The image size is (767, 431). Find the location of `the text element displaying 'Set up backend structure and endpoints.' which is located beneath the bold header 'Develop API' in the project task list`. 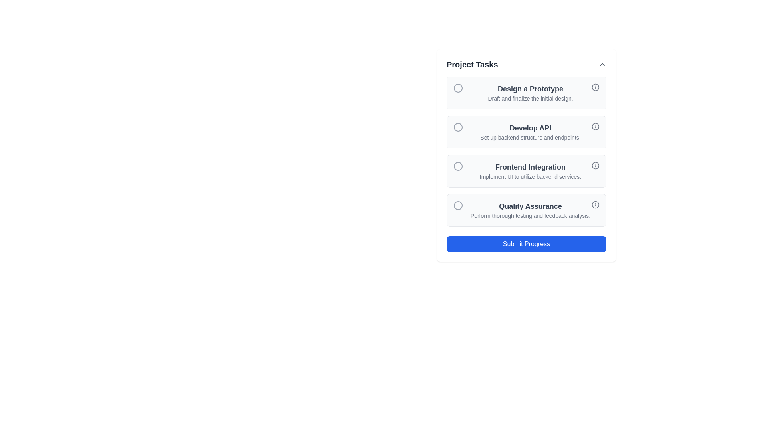

the text element displaying 'Set up backend structure and endpoints.' which is located beneath the bold header 'Develop API' in the project task list is located at coordinates (531, 137).